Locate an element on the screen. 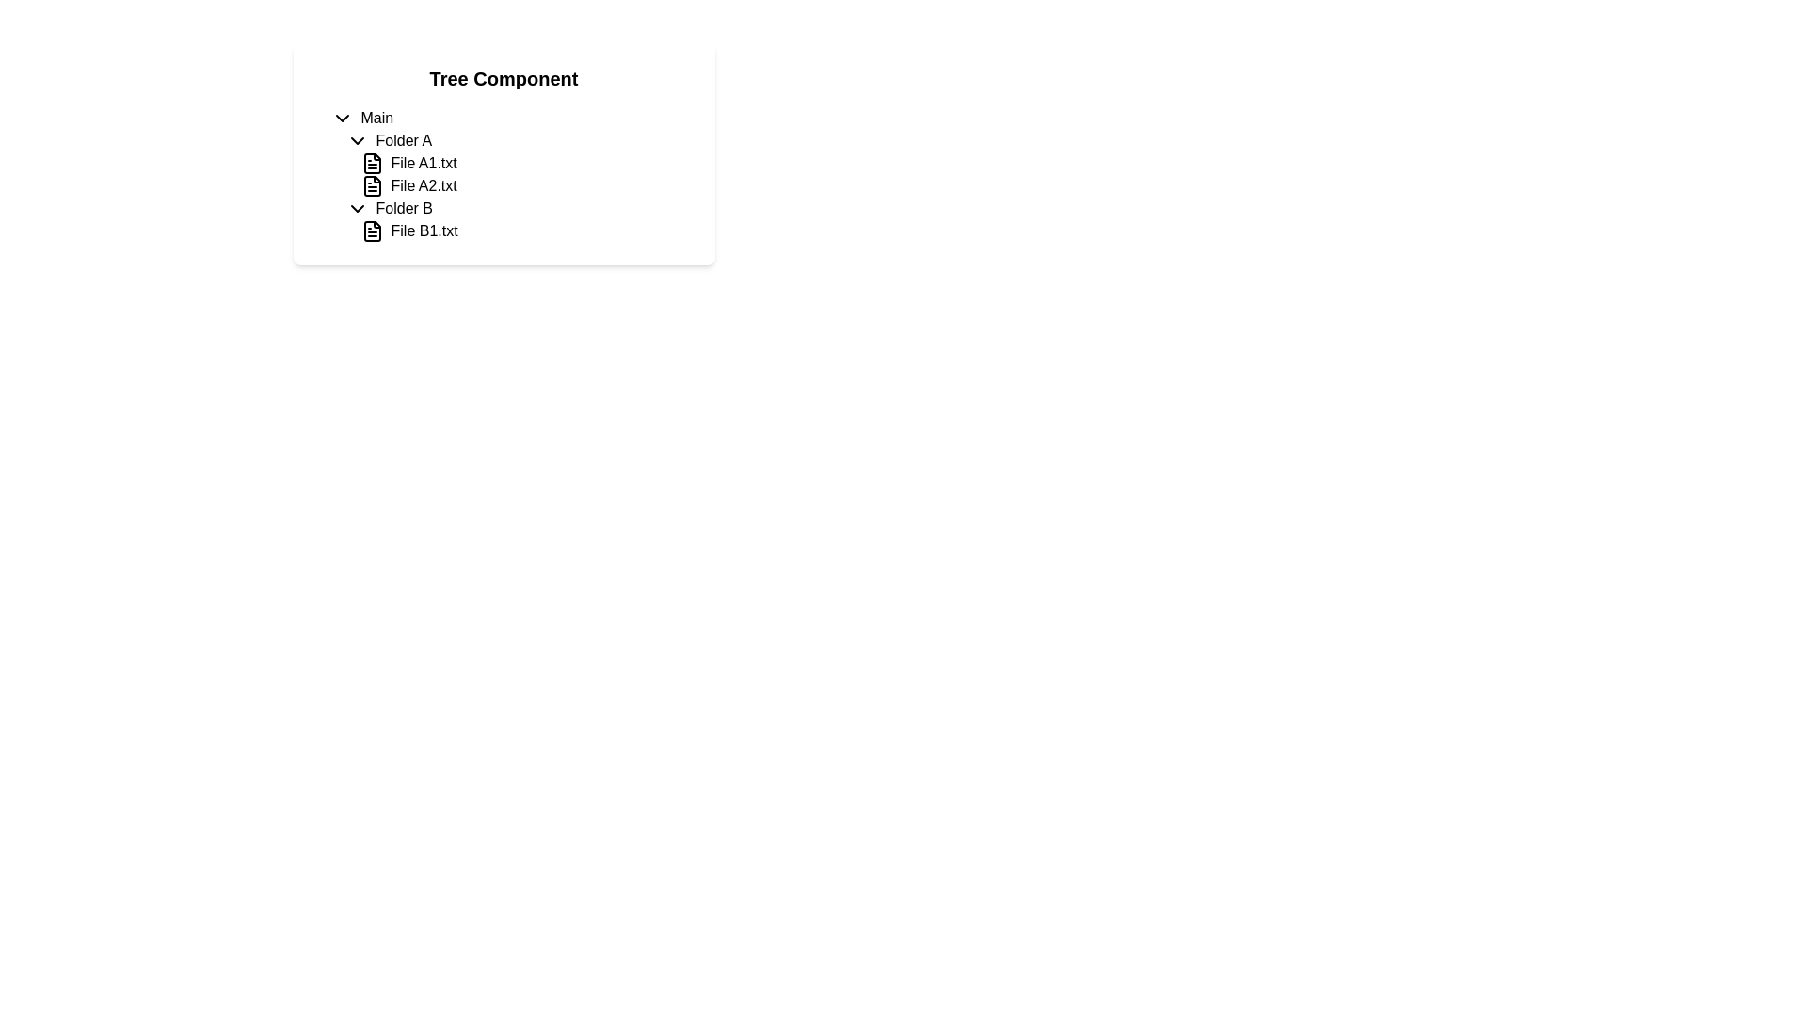  the text label representing a folder within the tree structure, located to the right of the chevron icon and below the 'Main' root element is located at coordinates (402, 140).